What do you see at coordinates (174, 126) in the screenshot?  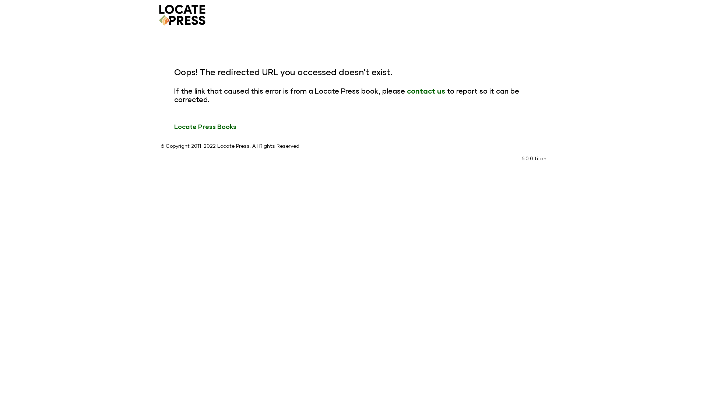 I see `'Locate Press Books'` at bounding box center [174, 126].